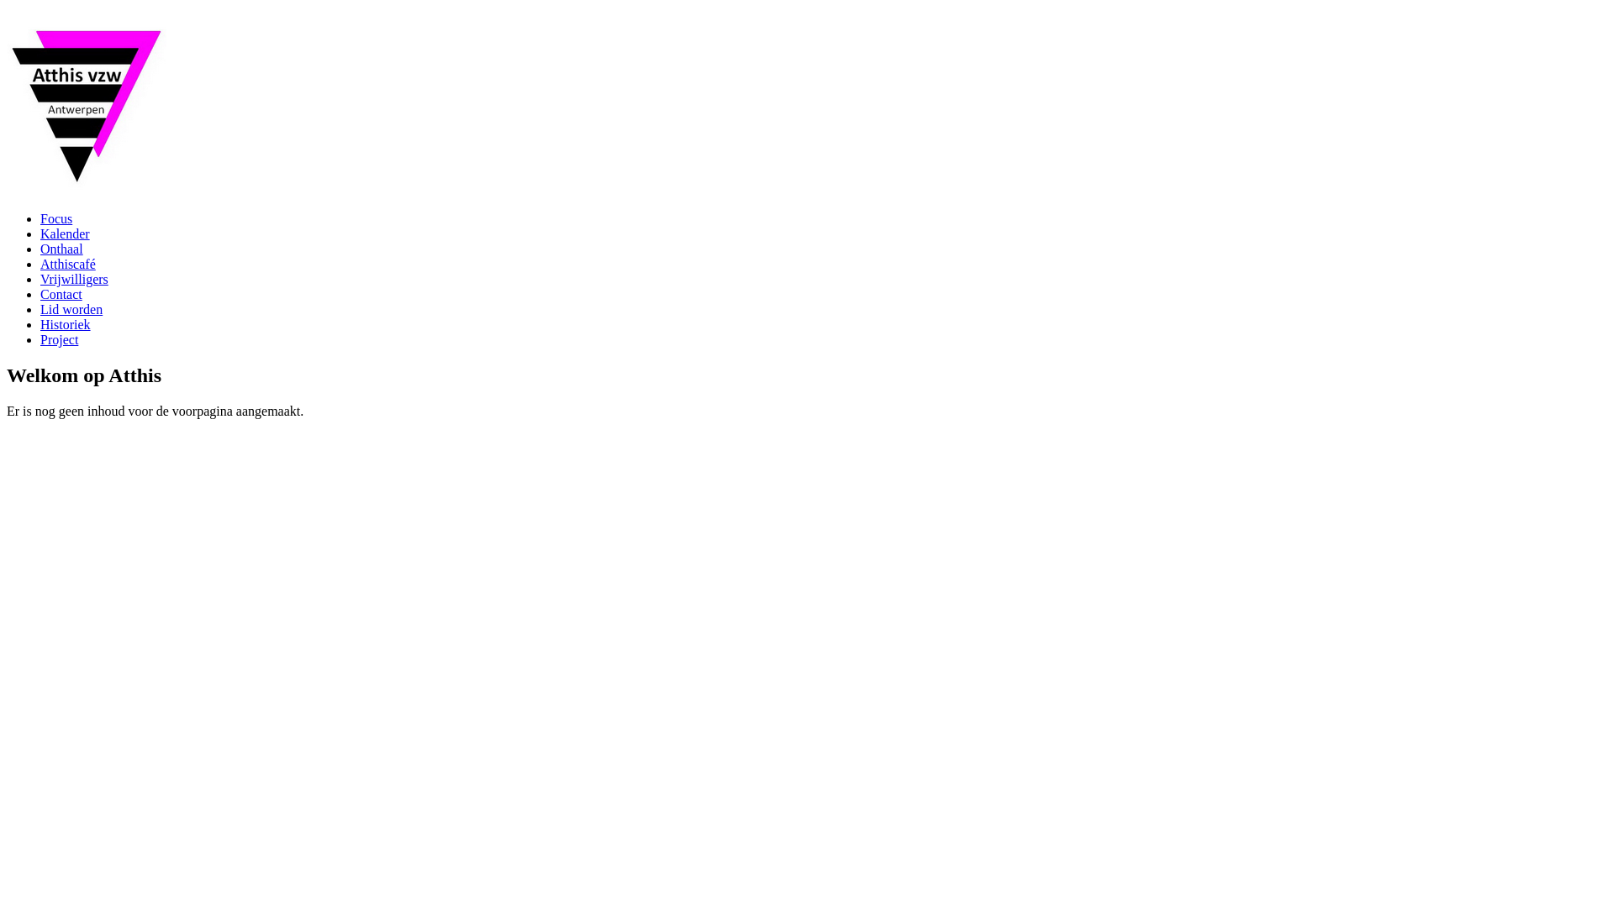 This screenshot has width=1614, height=907. Describe the element at coordinates (71, 309) in the screenshot. I see `'Lid worden'` at that location.